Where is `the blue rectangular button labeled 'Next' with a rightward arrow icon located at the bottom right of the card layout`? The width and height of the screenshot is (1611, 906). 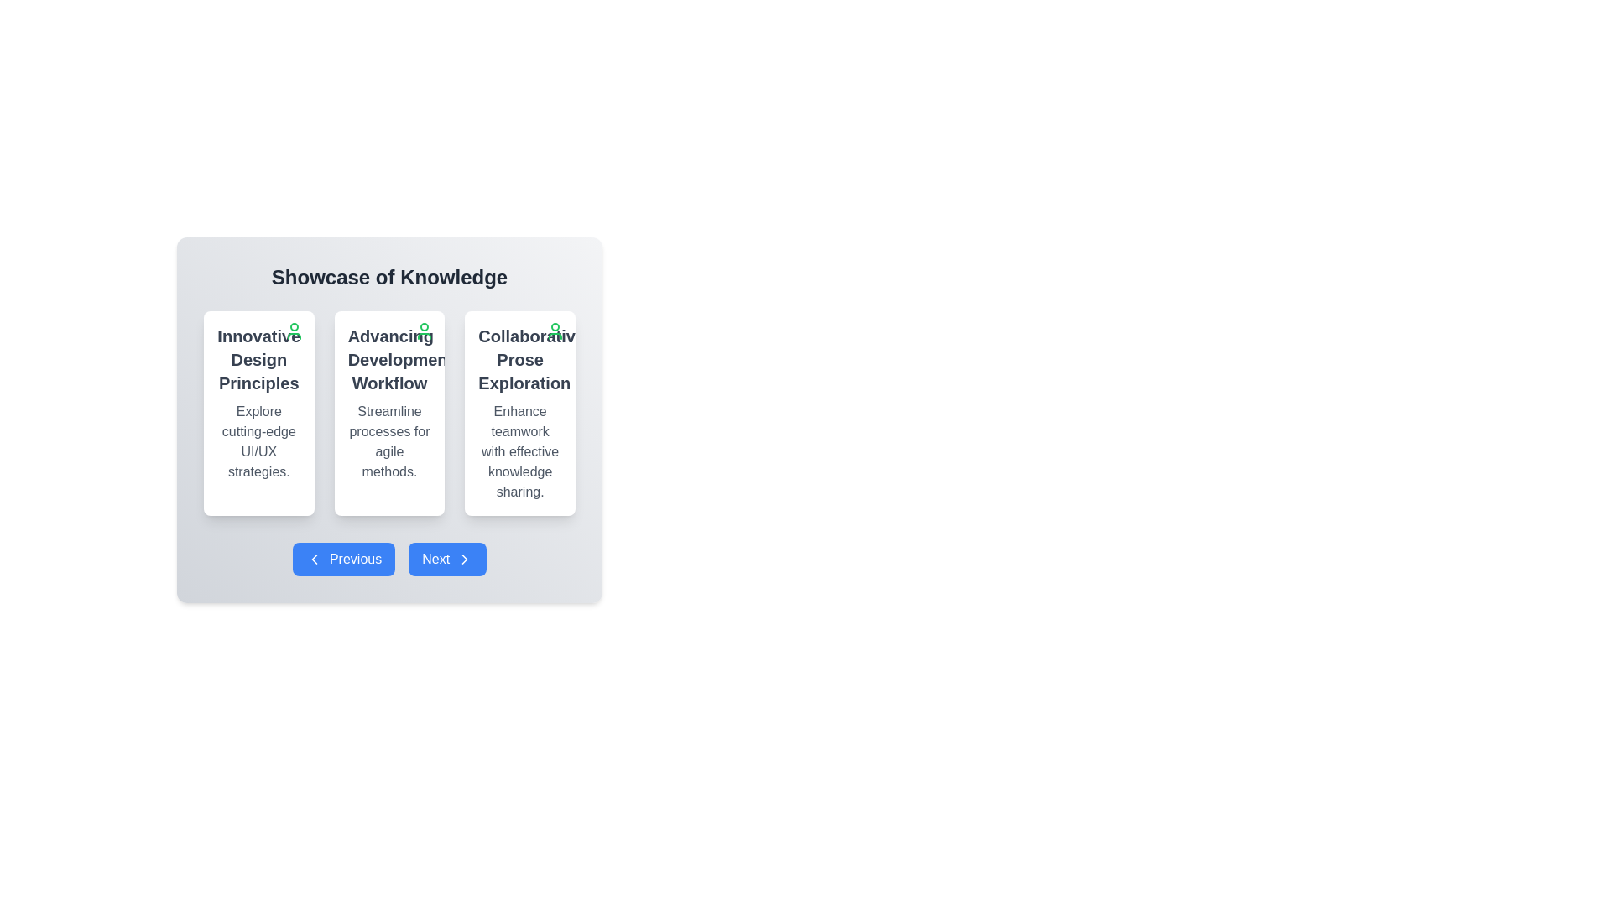 the blue rectangular button labeled 'Next' with a rightward arrow icon located at the bottom right of the card layout is located at coordinates (447, 560).